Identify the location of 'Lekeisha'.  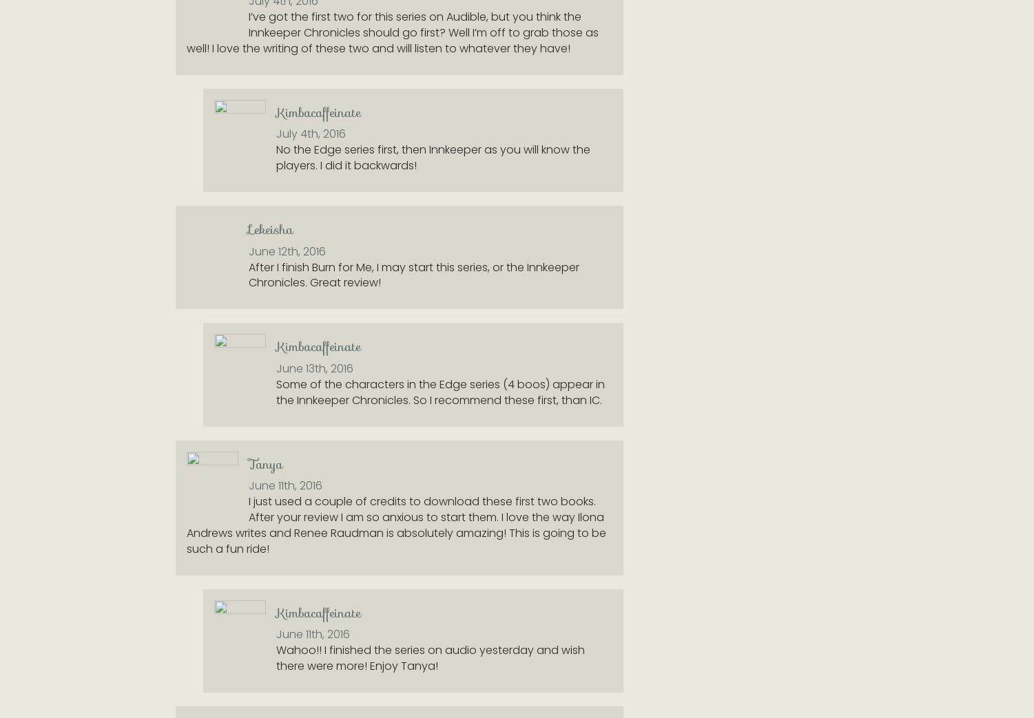
(247, 229).